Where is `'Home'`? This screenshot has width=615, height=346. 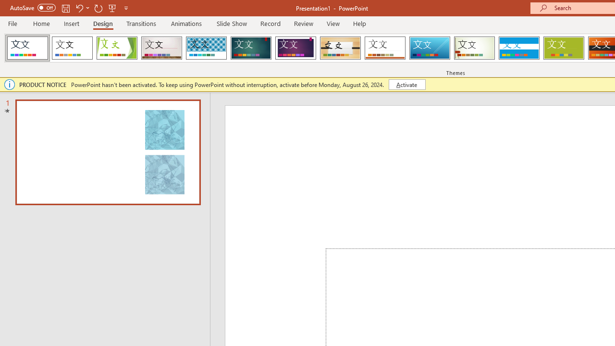
'Home' is located at coordinates (41, 23).